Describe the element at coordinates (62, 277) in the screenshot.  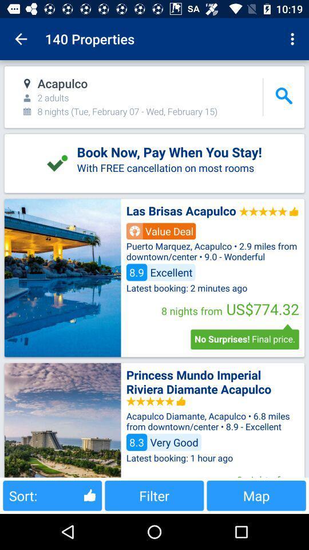
I see `image` at that location.